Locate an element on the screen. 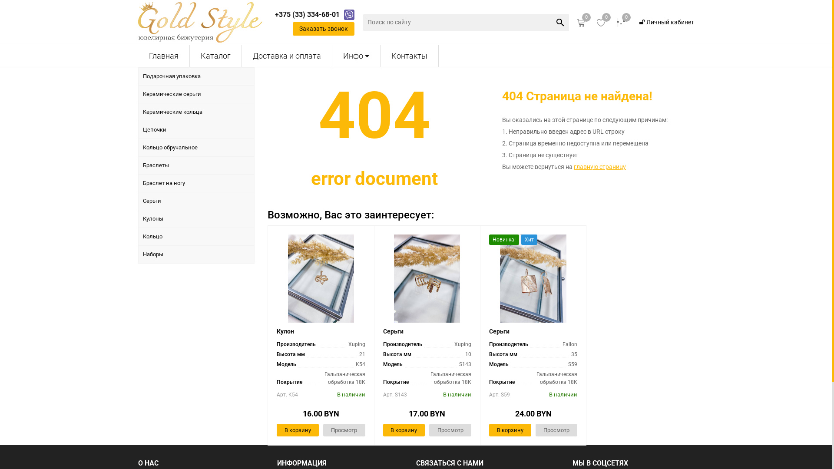 This screenshot has width=834, height=469. '0' is located at coordinates (581, 22).